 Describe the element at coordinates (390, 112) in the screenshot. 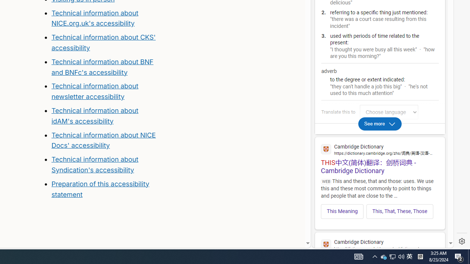

I see `'Link for logging'` at that location.